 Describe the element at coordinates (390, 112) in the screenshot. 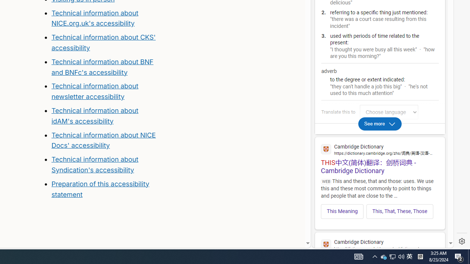

I see `'Link for logging'` at that location.